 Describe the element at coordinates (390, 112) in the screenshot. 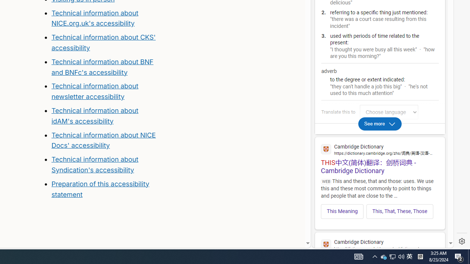

I see `'Link for logging'` at that location.